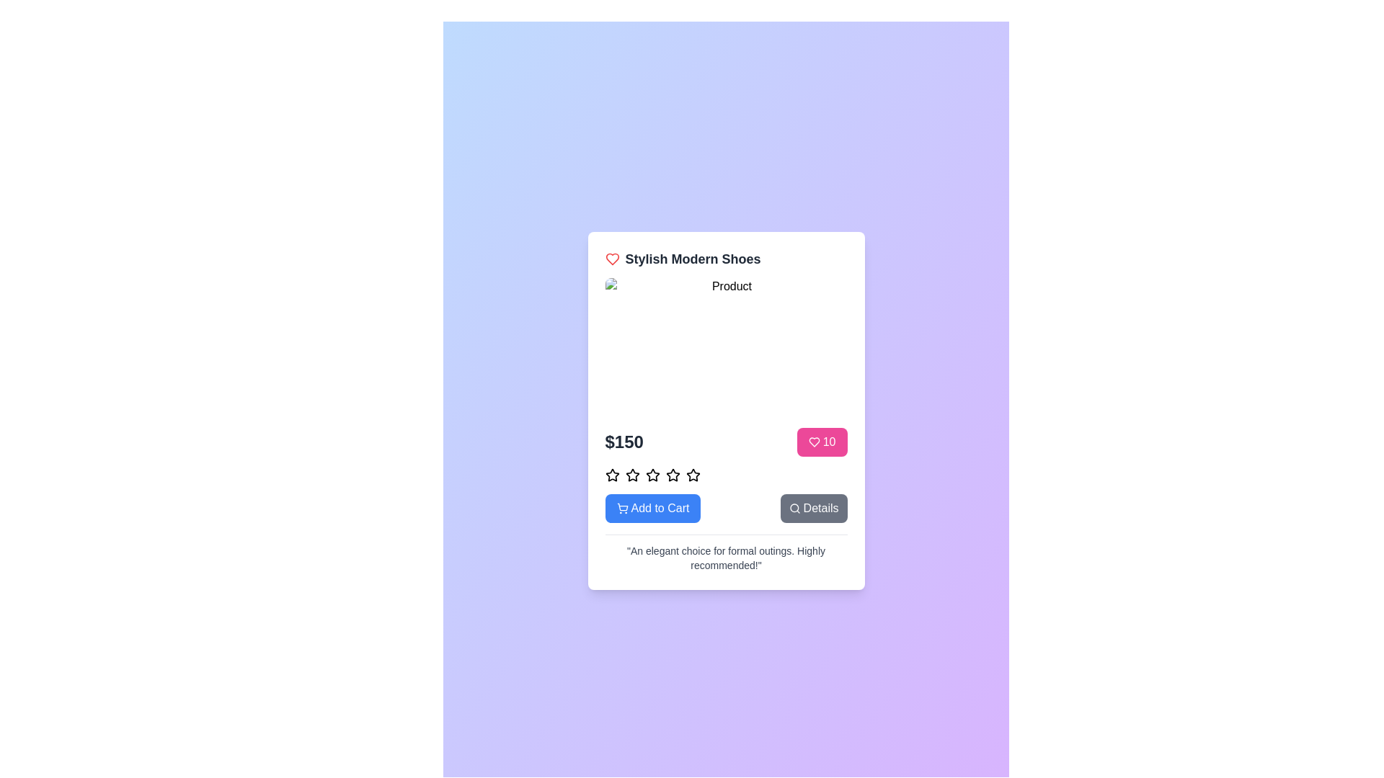  Describe the element at coordinates (672, 475) in the screenshot. I see `the third star in the rating component` at that location.